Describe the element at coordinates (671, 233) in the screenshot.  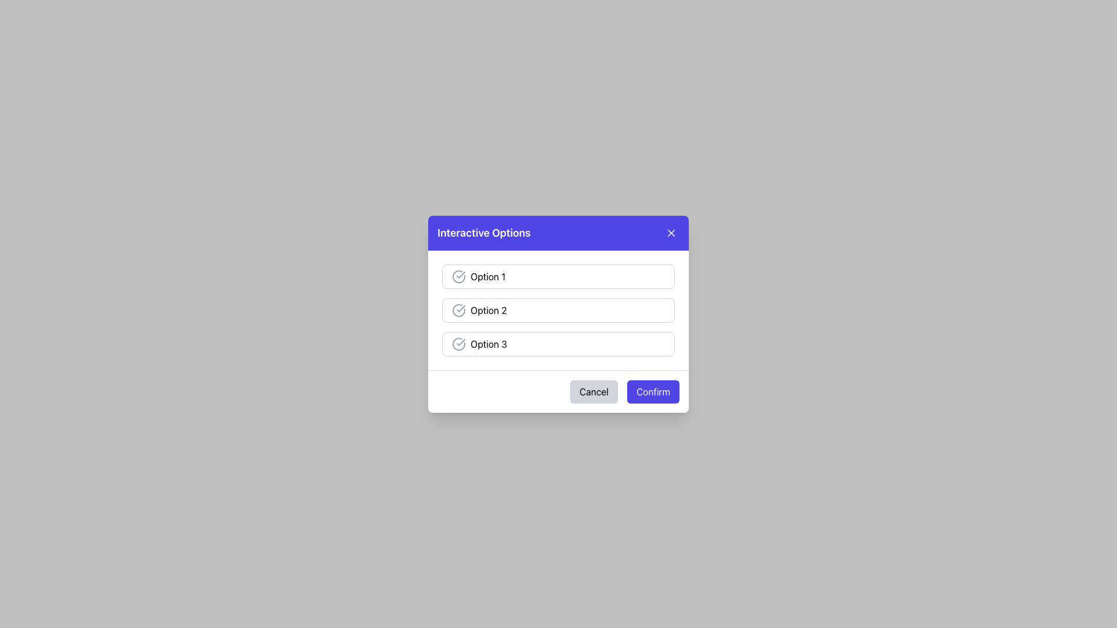
I see `the close button located in the top right corner of the purple header labeled 'Interactive Options'` at that location.